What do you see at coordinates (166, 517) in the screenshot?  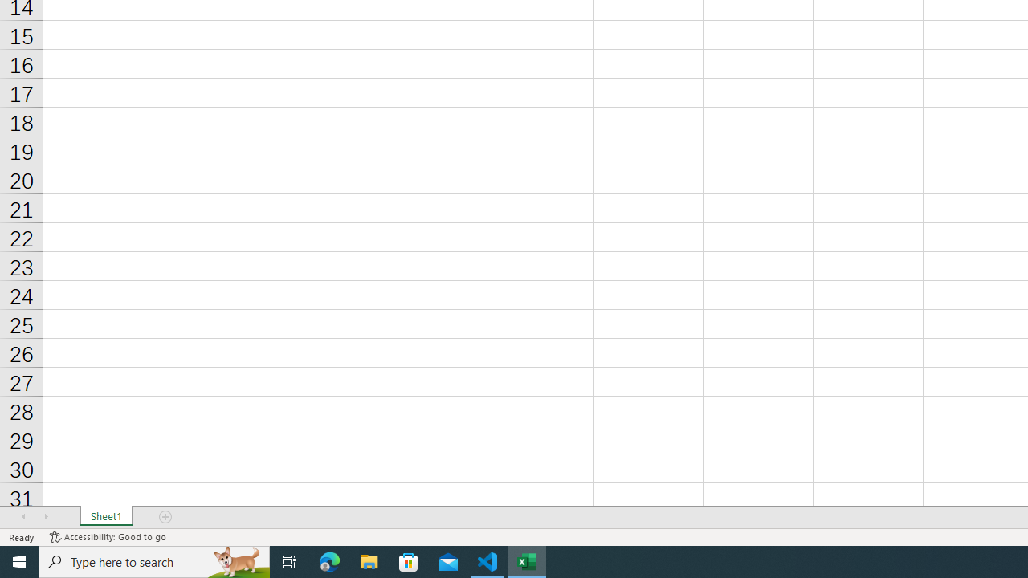 I see `'Add Sheet'` at bounding box center [166, 517].